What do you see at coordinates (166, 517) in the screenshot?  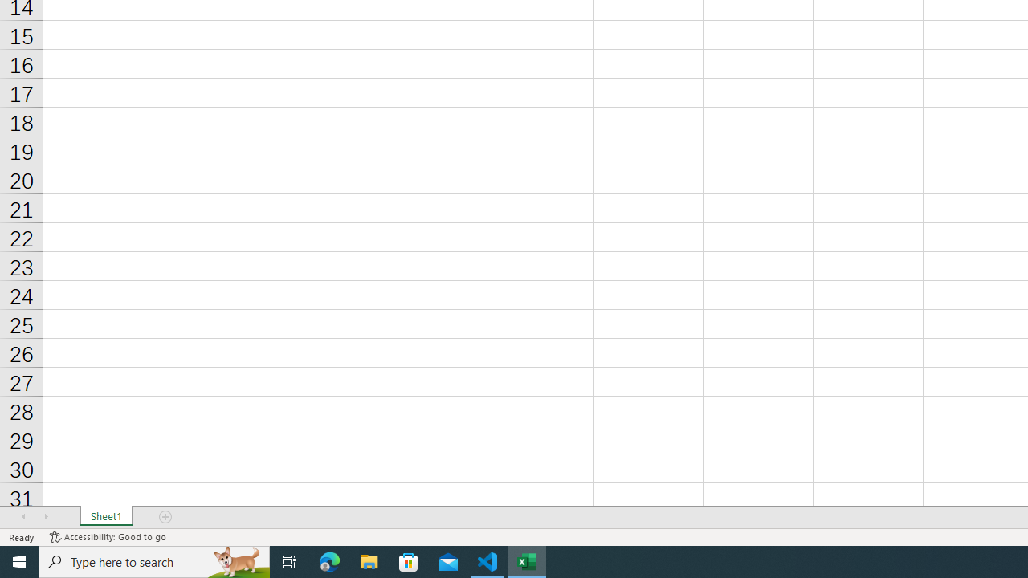 I see `'Add Sheet'` at bounding box center [166, 517].